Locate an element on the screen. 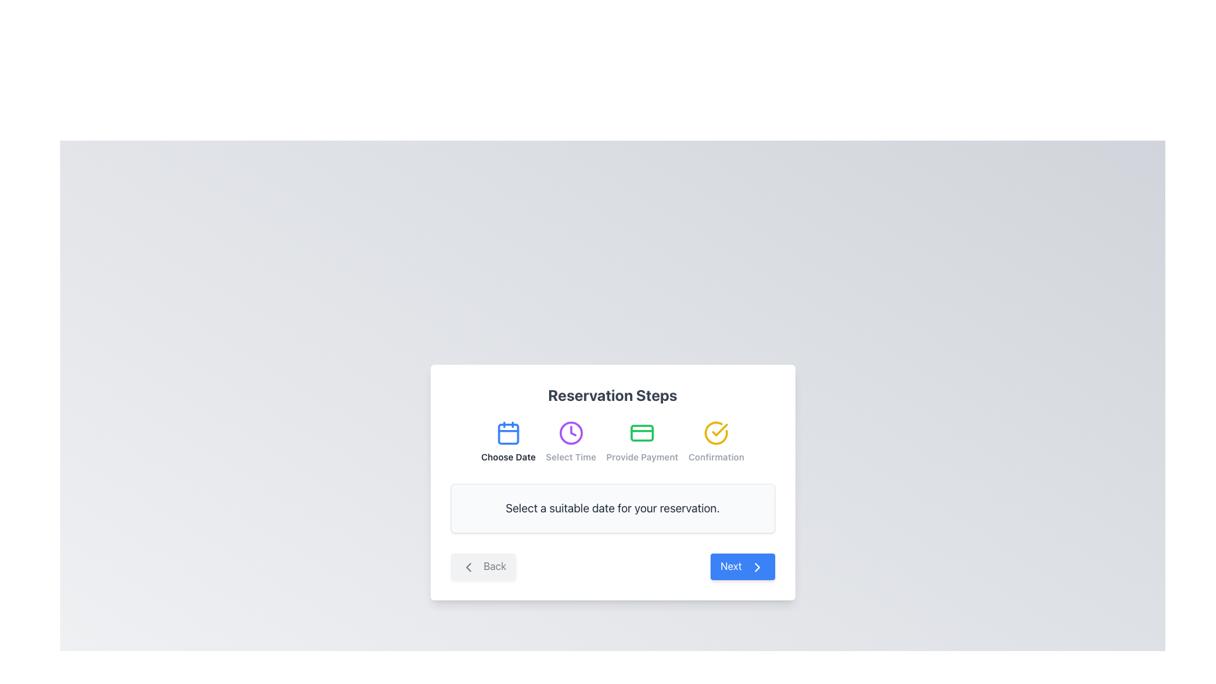 The width and height of the screenshot is (1216, 684). the chevron arrow icon located within the 'Next' button at the bottom-right corner of the 'Reservation Steps' modal is located at coordinates (757, 566).